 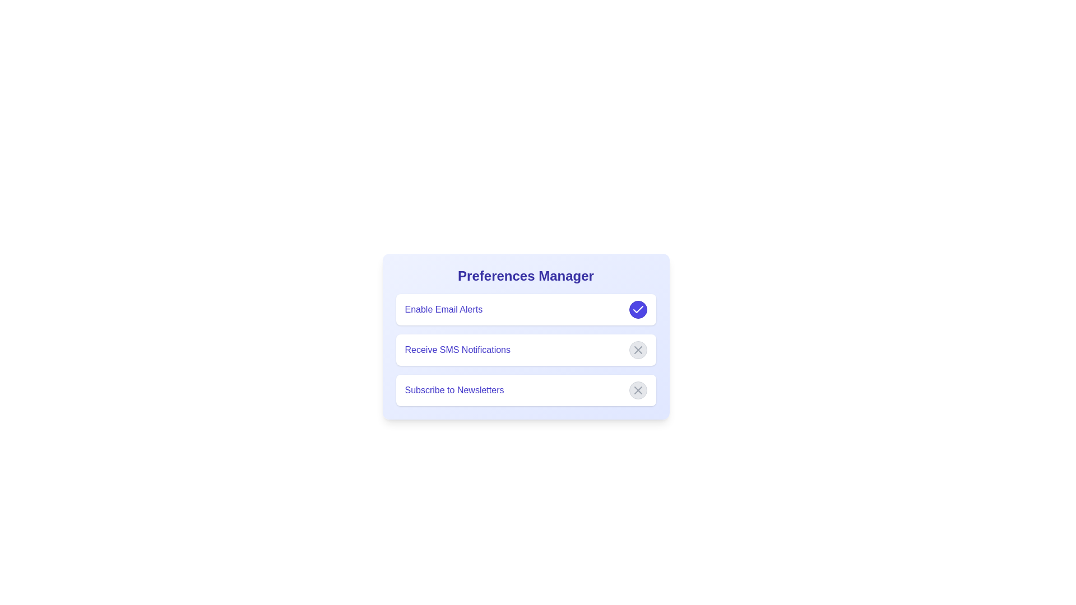 I want to click on the indigo circular button with a white checkmark icon, so click(x=638, y=309).